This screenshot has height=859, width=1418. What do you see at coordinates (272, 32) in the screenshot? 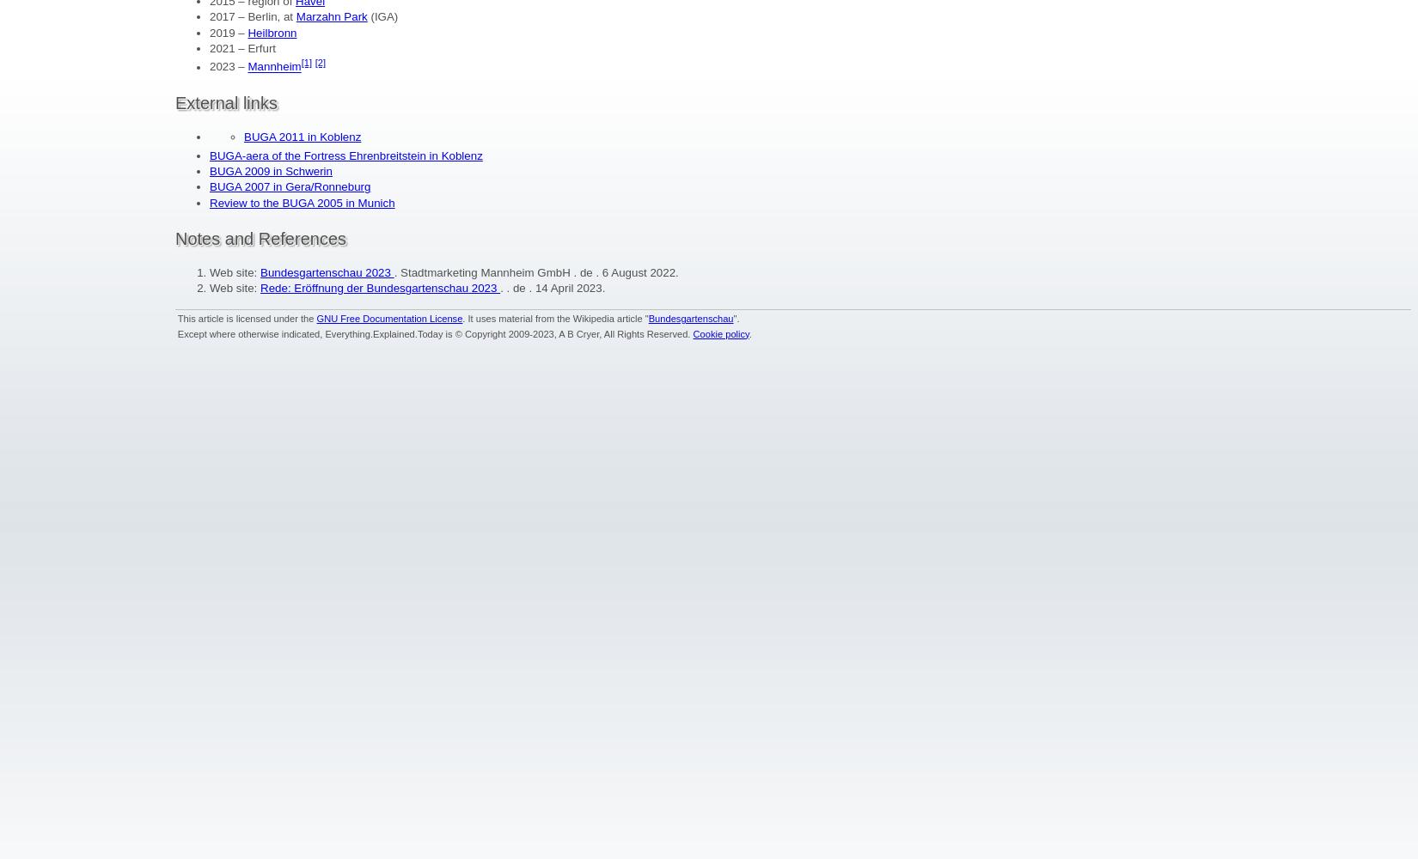
I see `'Heilbronn'` at bounding box center [272, 32].